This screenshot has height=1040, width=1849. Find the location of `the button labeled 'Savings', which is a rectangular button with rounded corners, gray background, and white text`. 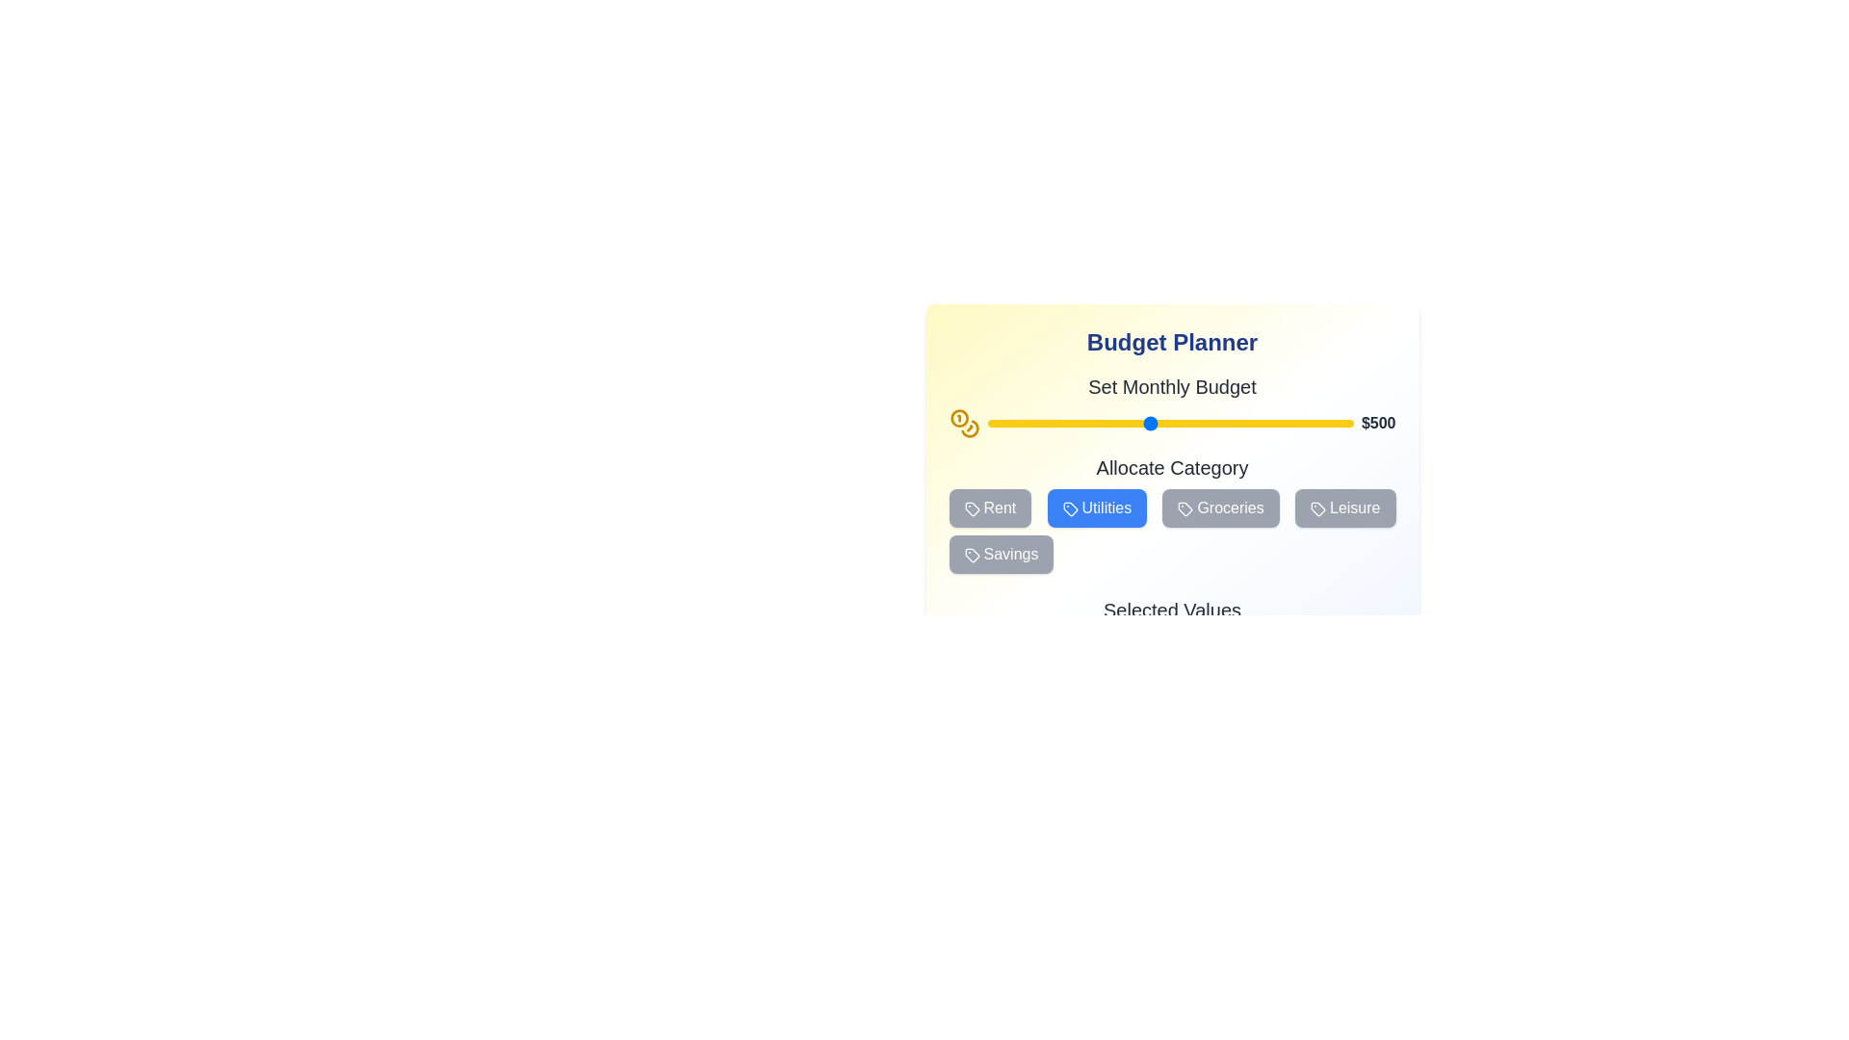

the button labeled 'Savings', which is a rectangular button with rounded corners, gray background, and white text is located at coordinates (1001, 554).